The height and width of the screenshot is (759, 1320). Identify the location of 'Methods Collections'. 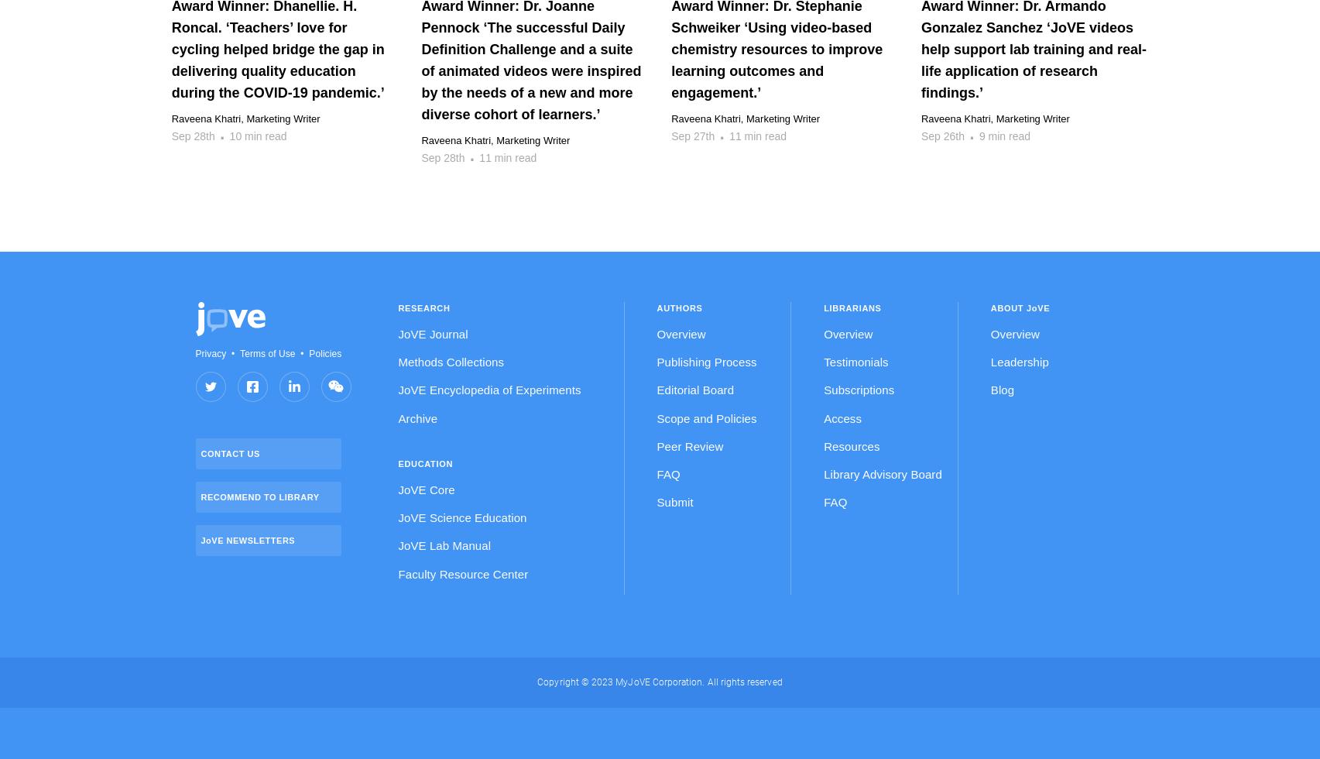
(451, 362).